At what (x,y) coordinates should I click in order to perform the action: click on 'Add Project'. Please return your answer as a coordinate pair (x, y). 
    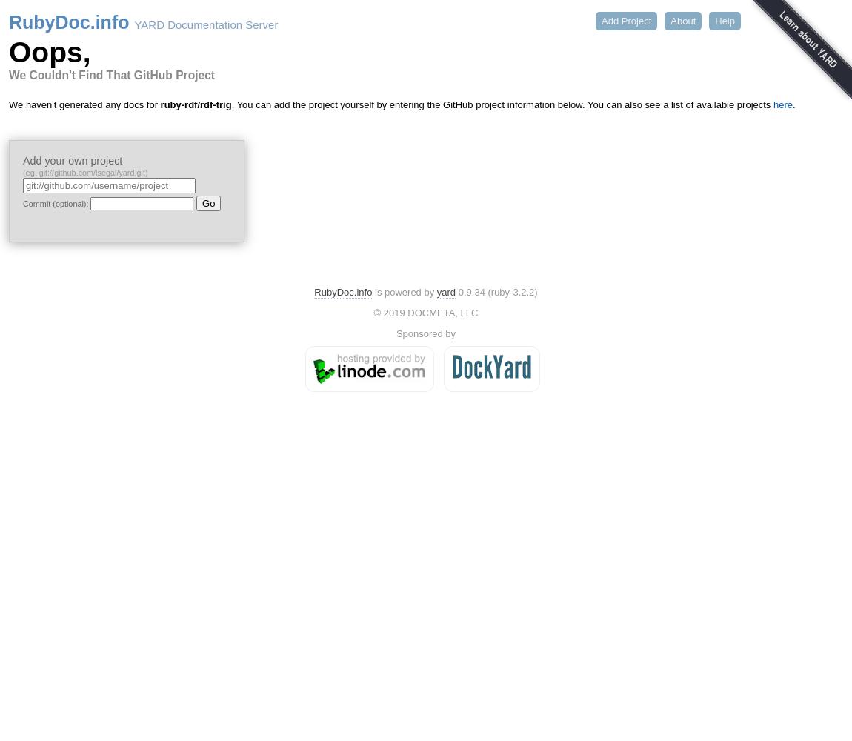
    Looking at the image, I should click on (625, 21).